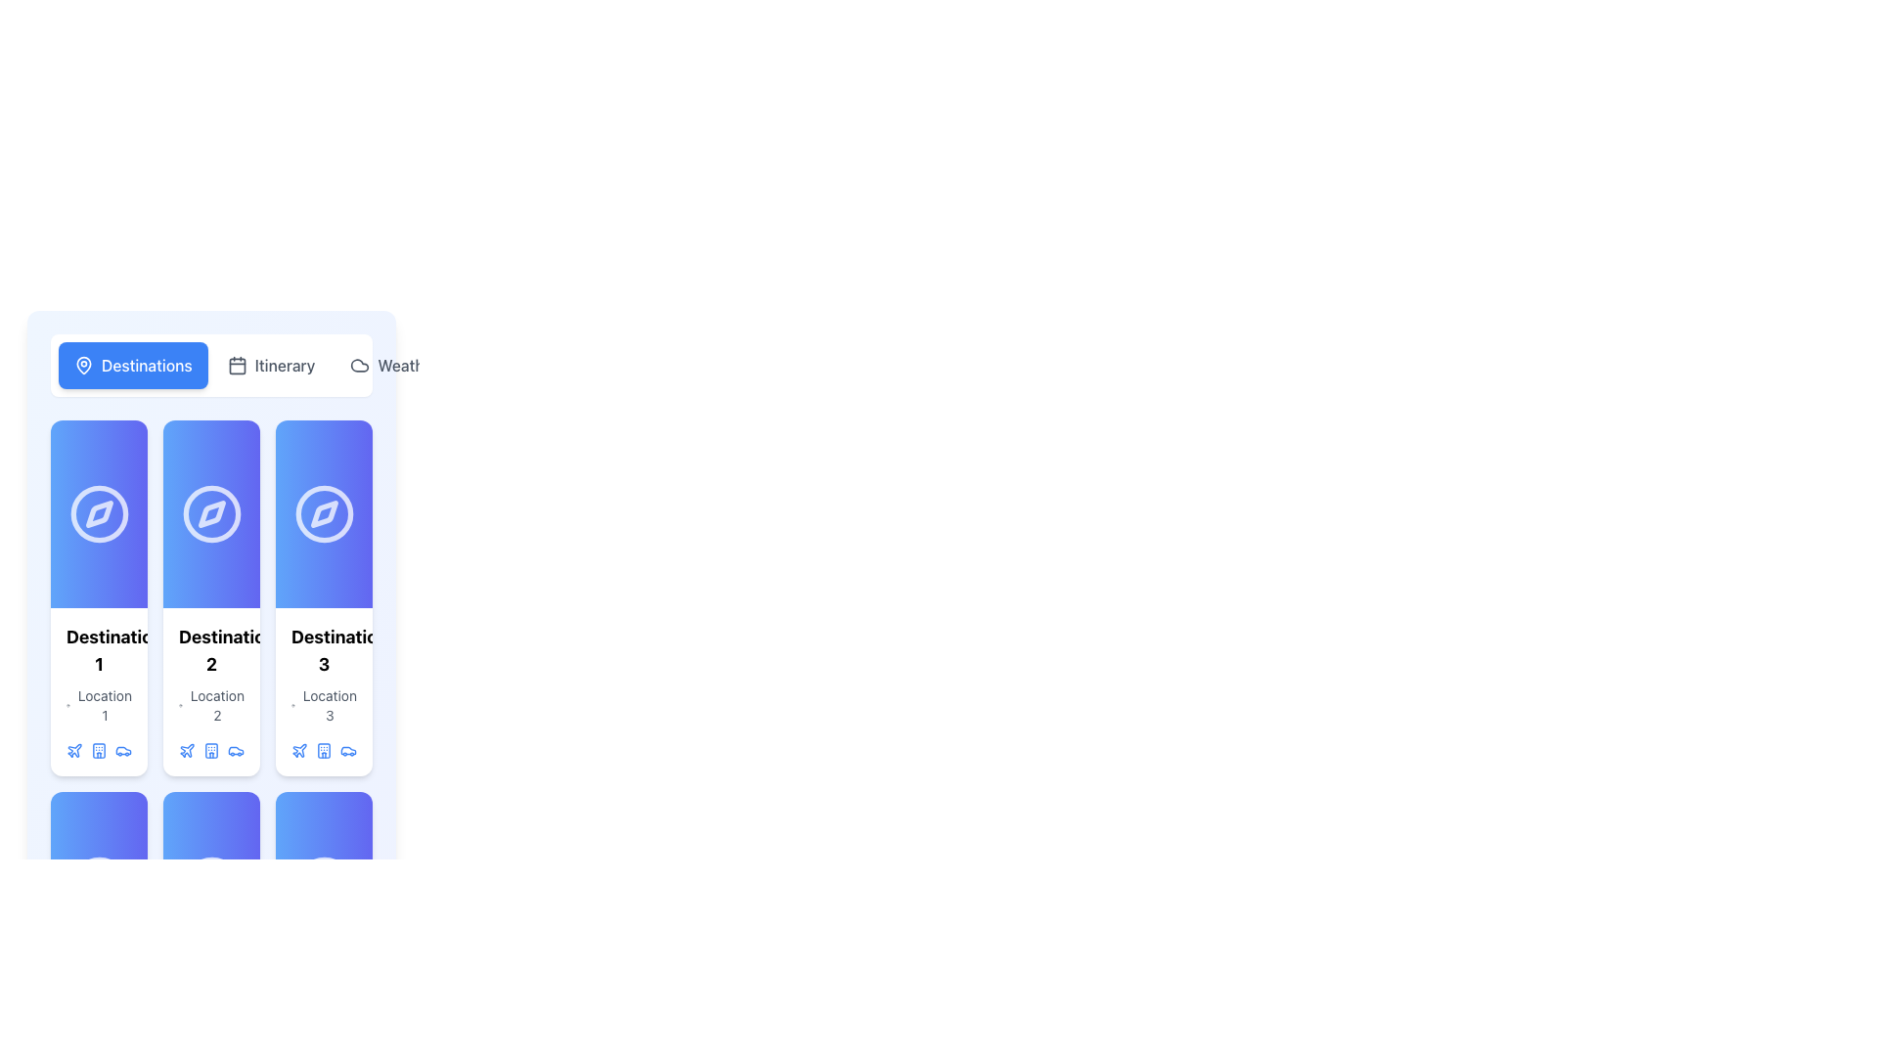 This screenshot has width=1878, height=1056. I want to click on the visual representation of the location icon positioned to the left of 'Location 1' text in the 'Destinations' tab list, so click(67, 705).